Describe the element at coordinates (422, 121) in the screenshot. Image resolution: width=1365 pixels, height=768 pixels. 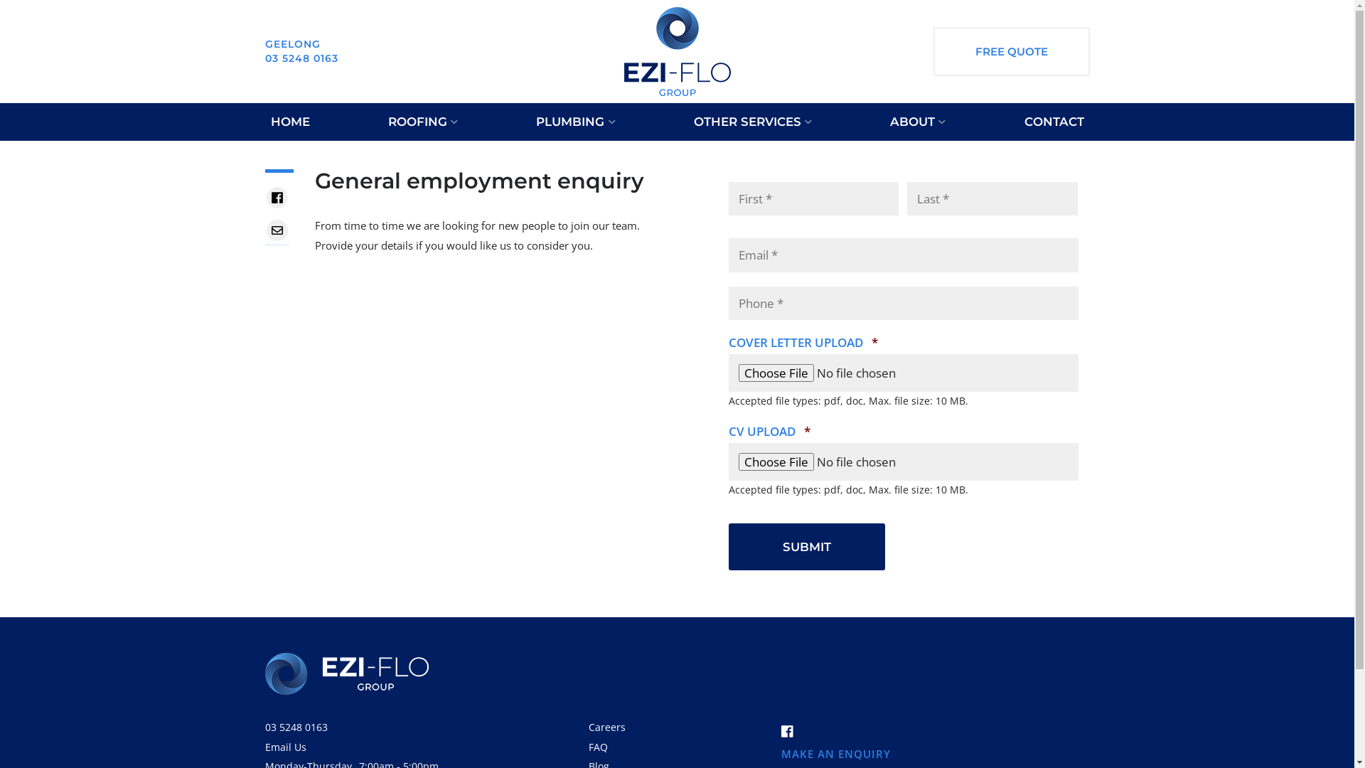
I see `'ROOFING'` at that location.